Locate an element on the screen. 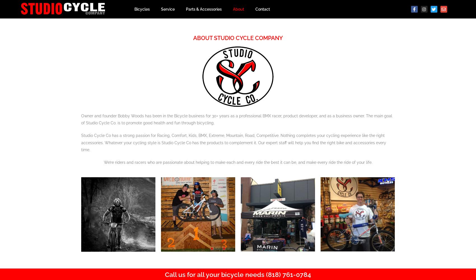  'Call us for all your bicycle needs (818) 761-0784' is located at coordinates (165, 274).